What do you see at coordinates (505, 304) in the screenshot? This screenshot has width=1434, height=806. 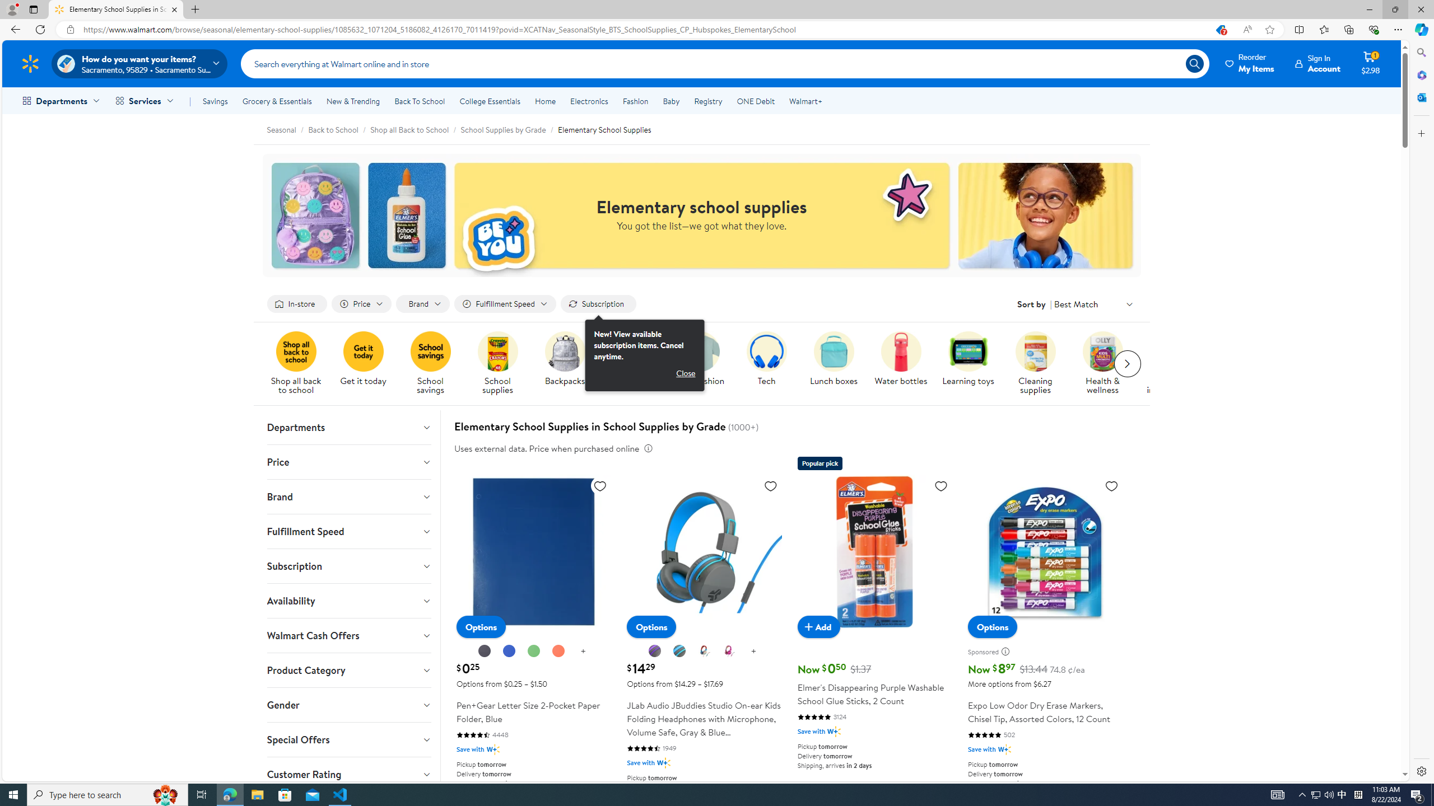 I see `'Filter by Fulfillment Speed not applied, activate to change'` at bounding box center [505, 304].